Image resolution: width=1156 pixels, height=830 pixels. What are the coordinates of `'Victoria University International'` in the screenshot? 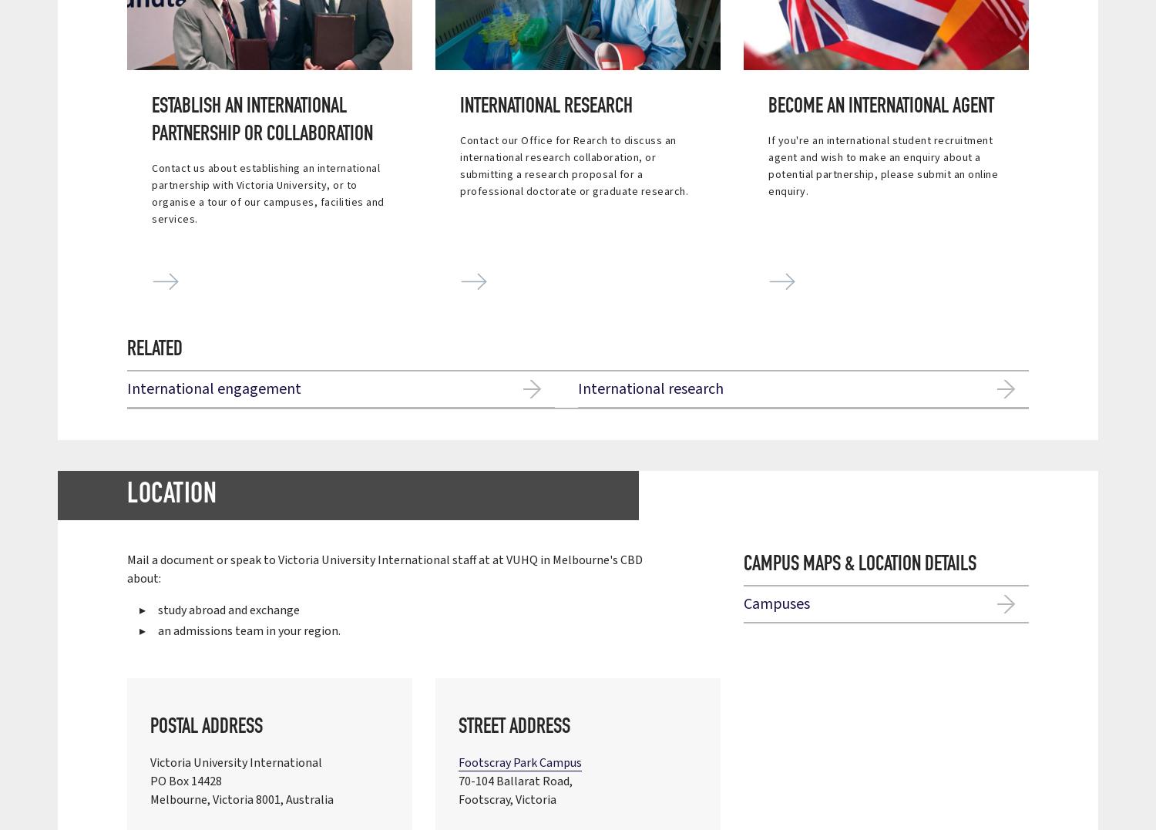 It's located at (236, 762).